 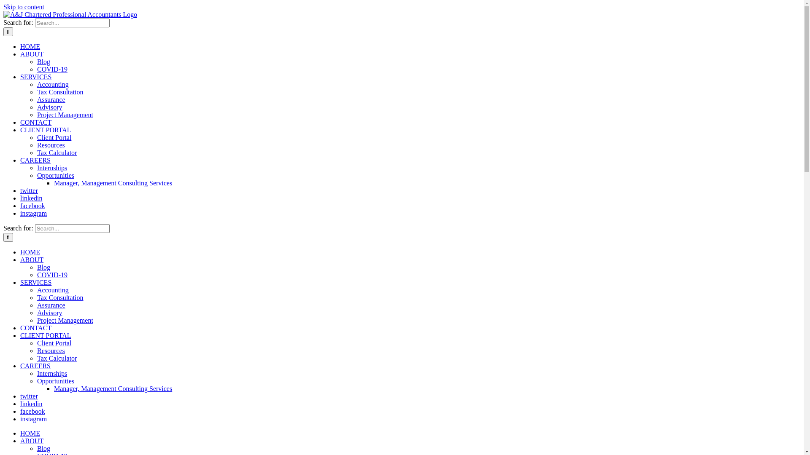 I want to click on 'instagram', so click(x=33, y=419).